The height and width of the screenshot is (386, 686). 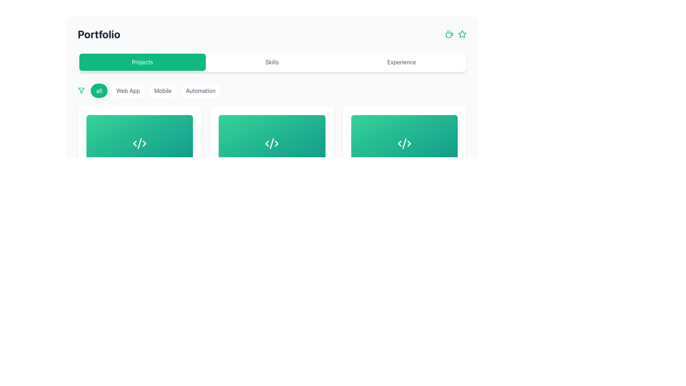 I want to click on the green coffee cup SVG icon located at the top right corner of the page, which is the first icon in a horizontal group of icons, so click(x=449, y=34).